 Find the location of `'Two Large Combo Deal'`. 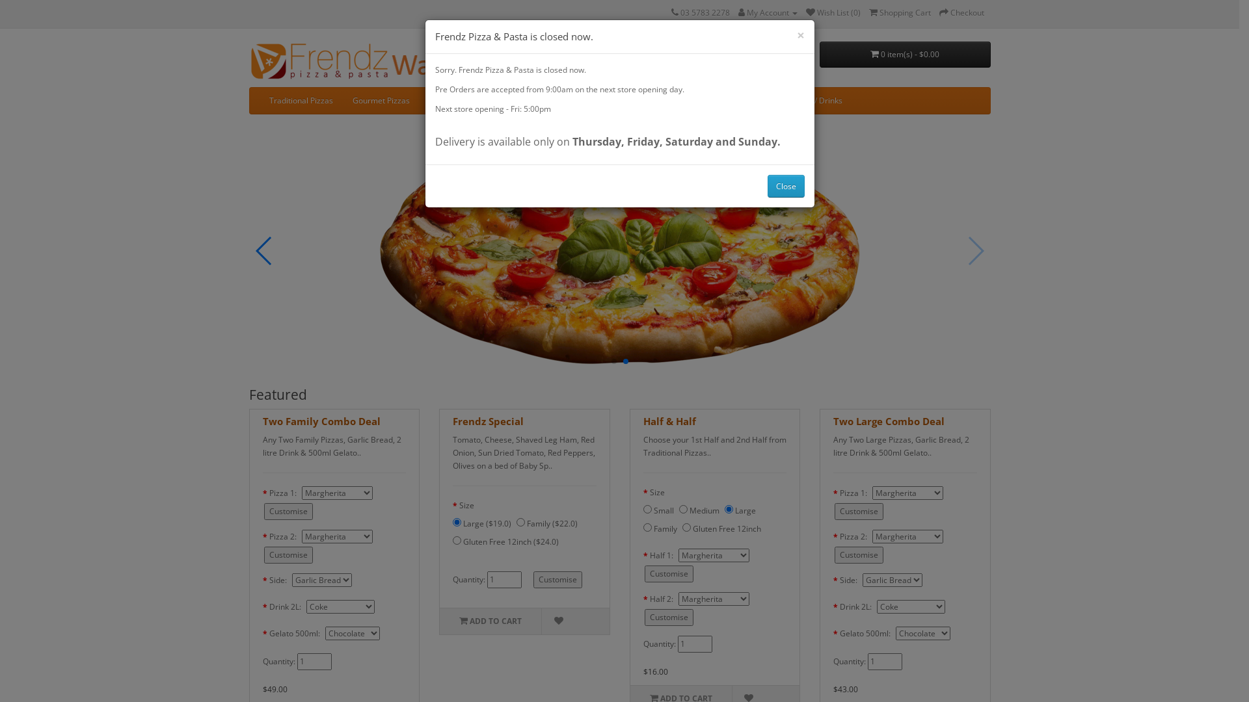

'Two Large Combo Deal' is located at coordinates (888, 421).